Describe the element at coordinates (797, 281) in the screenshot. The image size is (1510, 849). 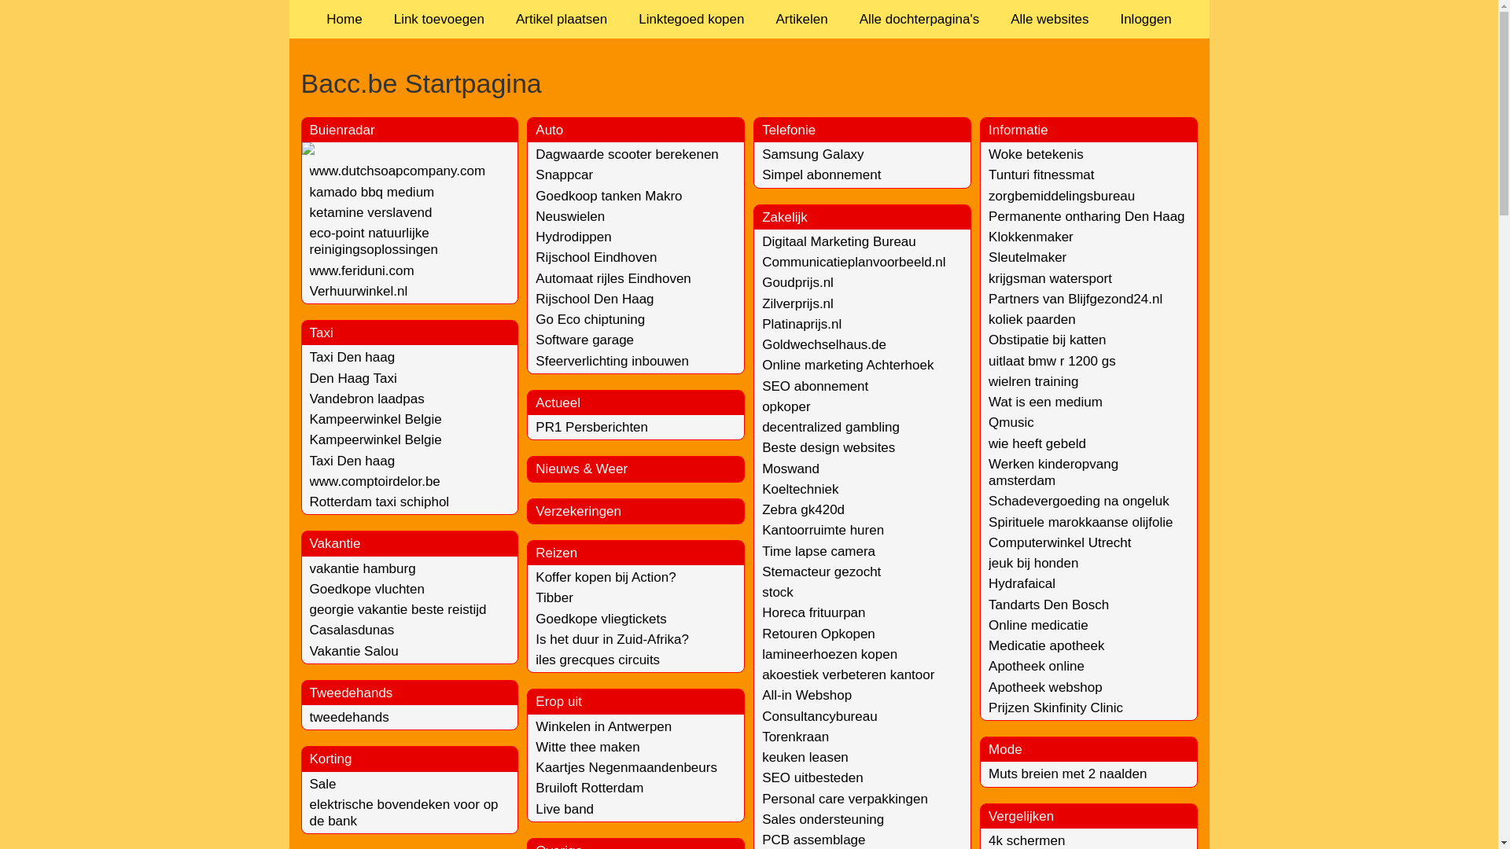
I see `'Goudprijs.nl'` at that location.